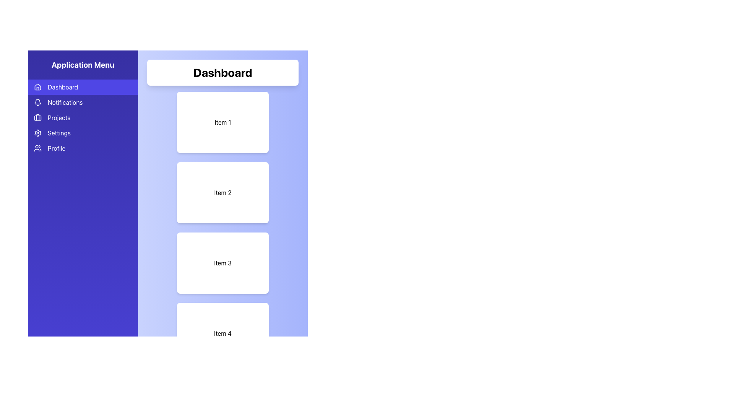  Describe the element at coordinates (37, 86) in the screenshot. I see `the home icon, which is a small white house outline on a purple background, located to the left of the 'Dashboard' text in the top-left section of the menu bar` at that location.